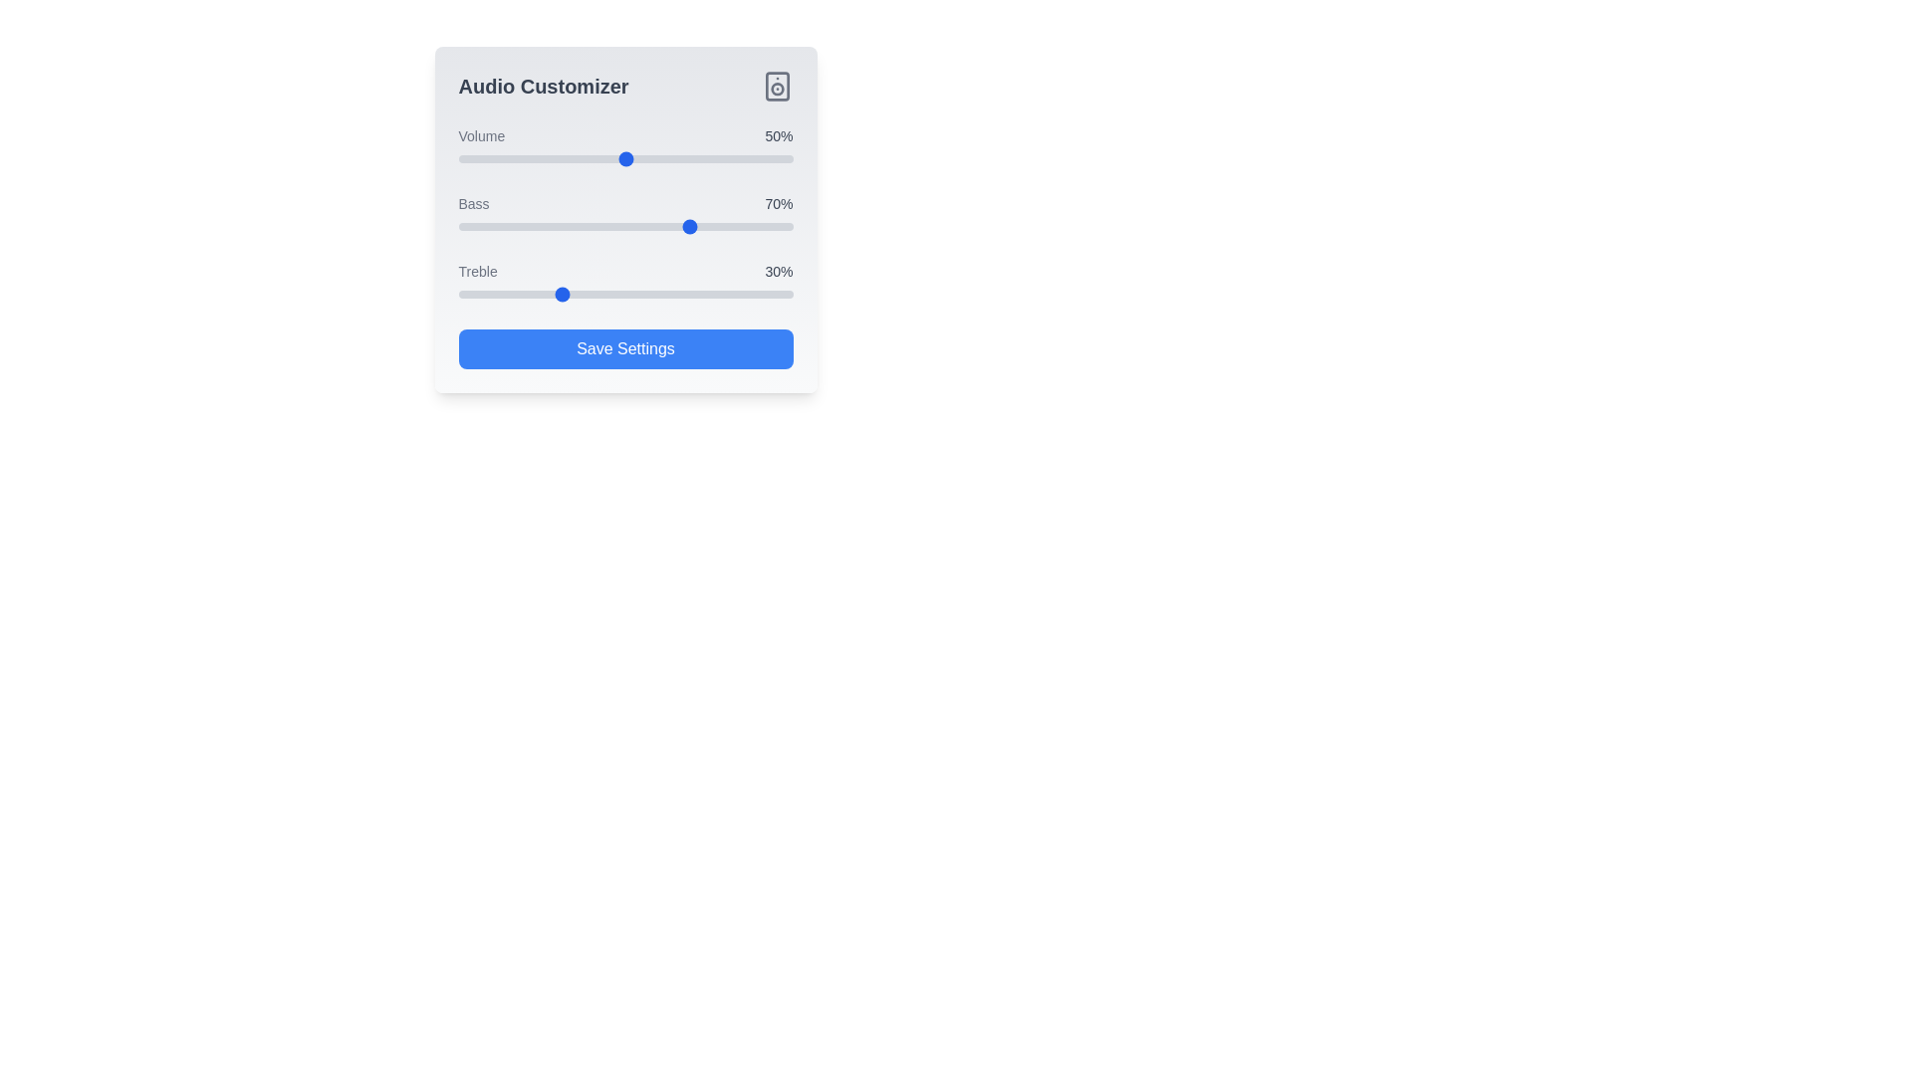  What do you see at coordinates (696, 225) in the screenshot?
I see `the bass slider to 71%` at bounding box center [696, 225].